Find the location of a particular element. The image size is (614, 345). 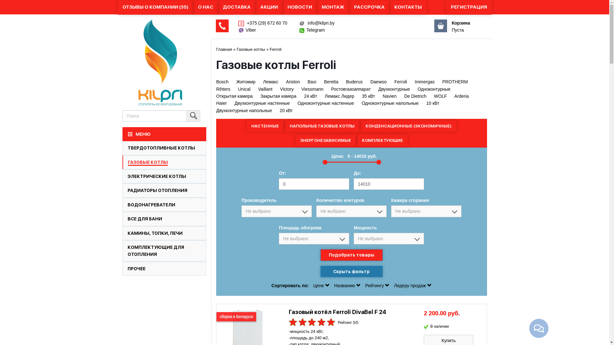

'Buderus' is located at coordinates (354, 81).